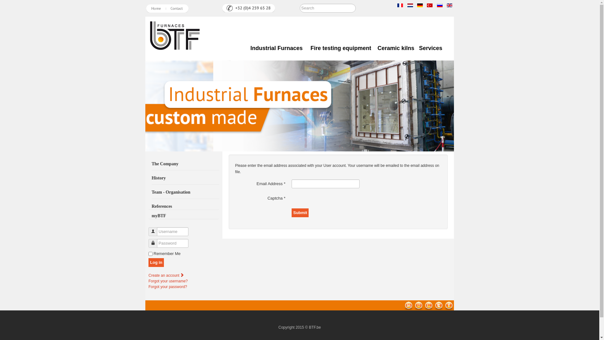  What do you see at coordinates (439, 5) in the screenshot?
I see `'Russian'` at bounding box center [439, 5].